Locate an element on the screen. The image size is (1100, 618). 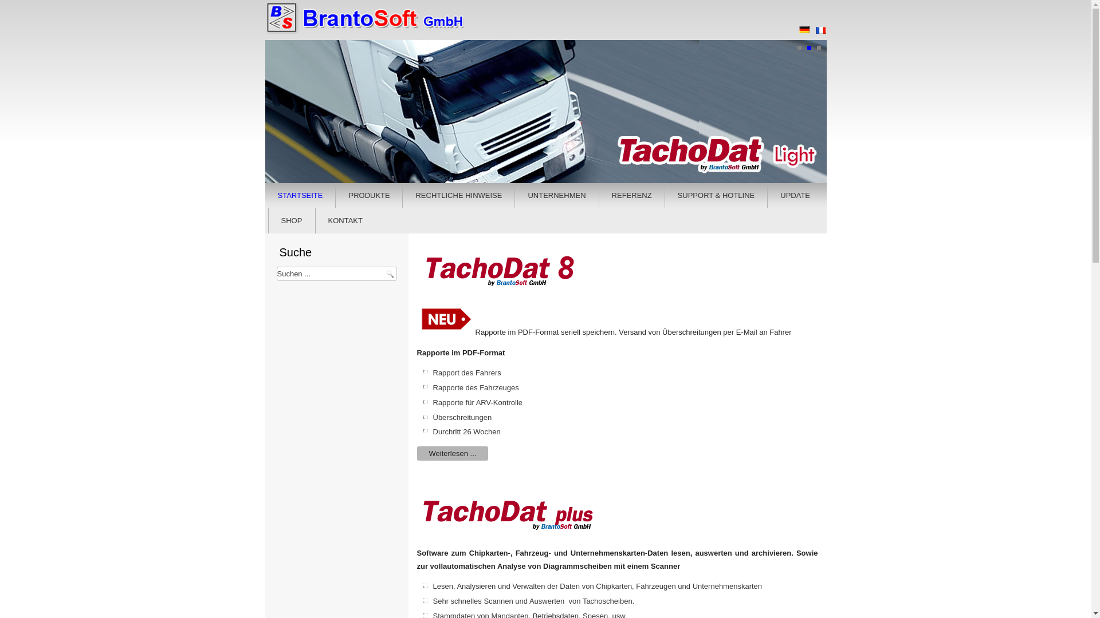
'KONTAKT' is located at coordinates (345, 220).